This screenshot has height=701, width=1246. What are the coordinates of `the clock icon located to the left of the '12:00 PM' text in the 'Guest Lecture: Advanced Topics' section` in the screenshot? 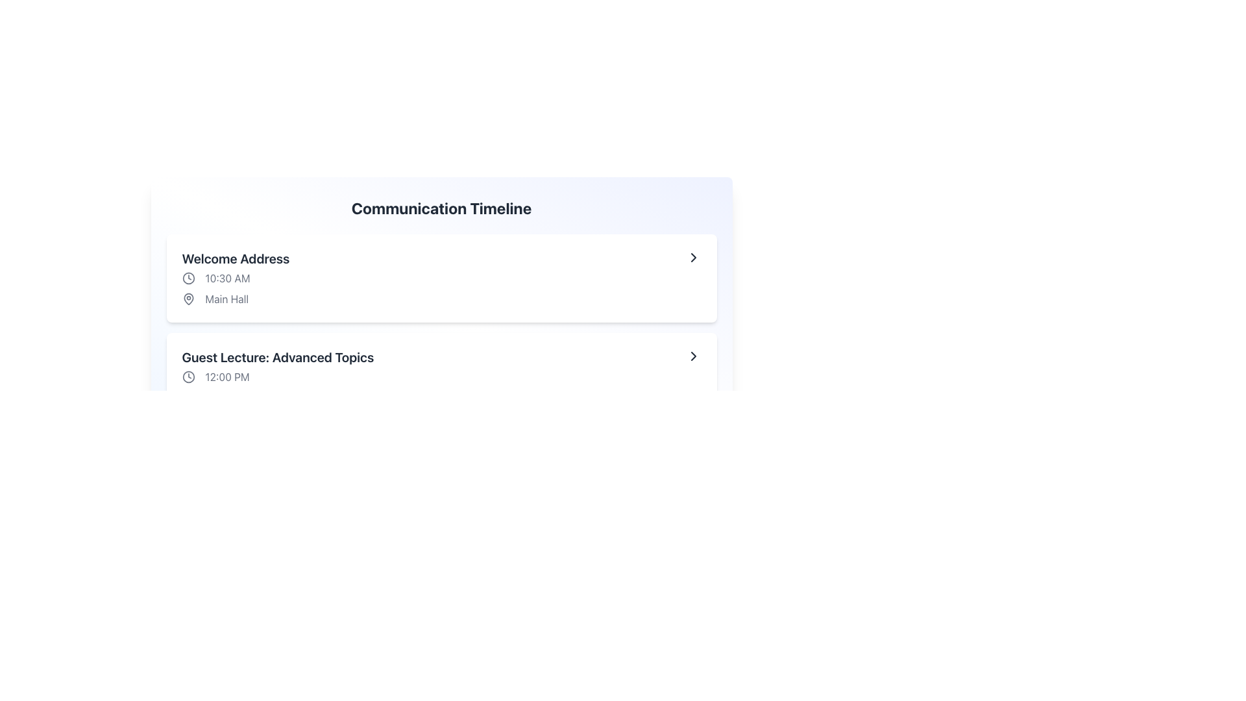 It's located at (188, 377).